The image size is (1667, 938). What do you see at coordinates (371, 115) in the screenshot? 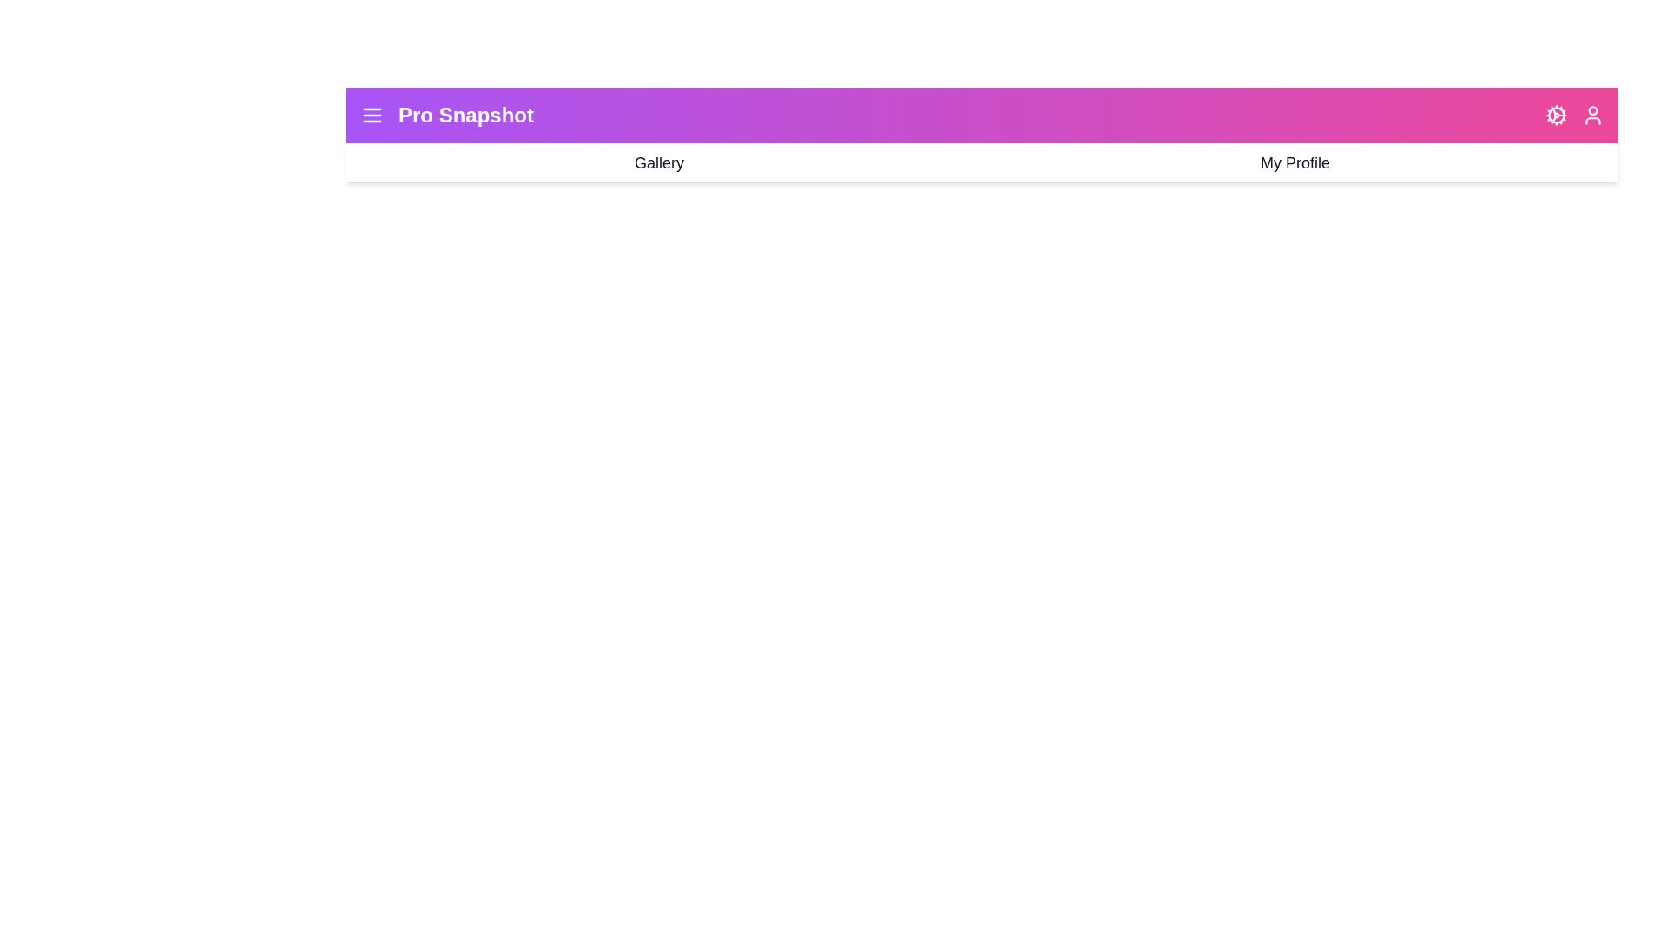
I see `the menu icon to toggle the menu visibility` at bounding box center [371, 115].